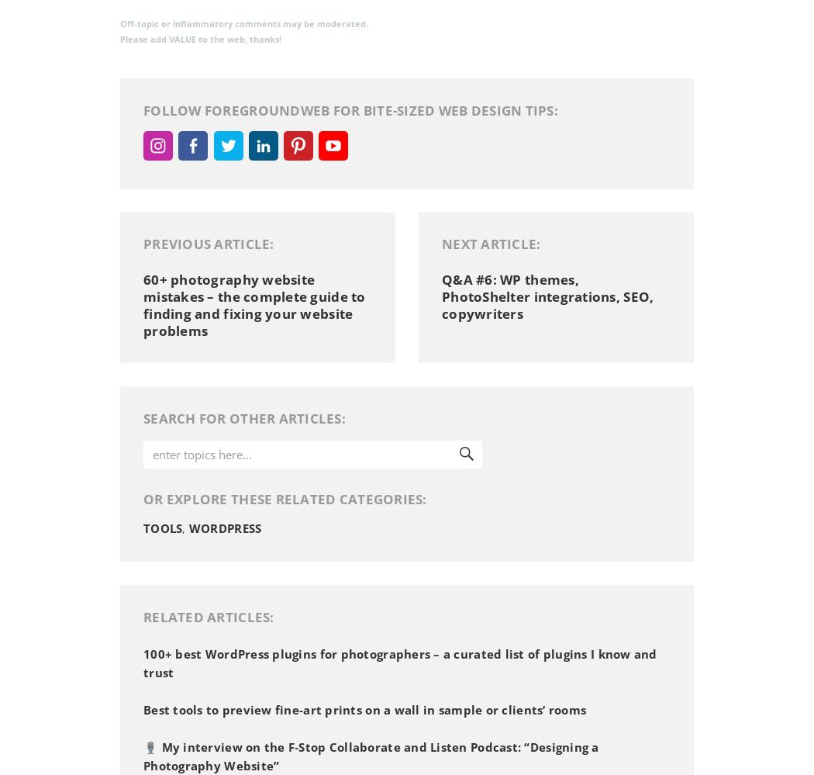 This screenshot has height=775, width=814. What do you see at coordinates (398, 663) in the screenshot?
I see `'100+ best WordPress plugins for photographers – a curated list of plugins I know and trust'` at bounding box center [398, 663].